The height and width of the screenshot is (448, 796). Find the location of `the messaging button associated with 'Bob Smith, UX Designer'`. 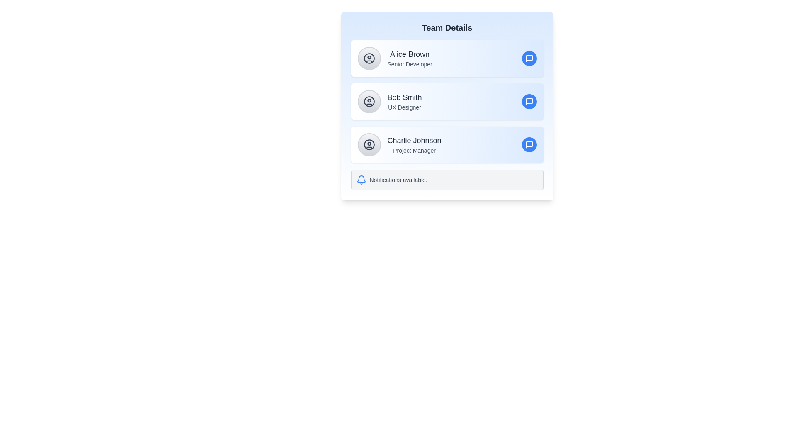

the messaging button associated with 'Bob Smith, UX Designer' is located at coordinates (529, 101).